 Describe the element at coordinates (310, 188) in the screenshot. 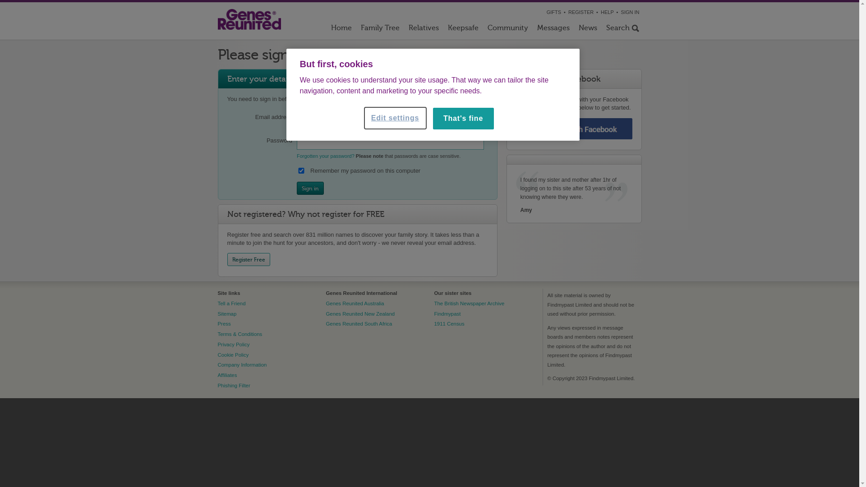

I see `'Sign in'` at that location.